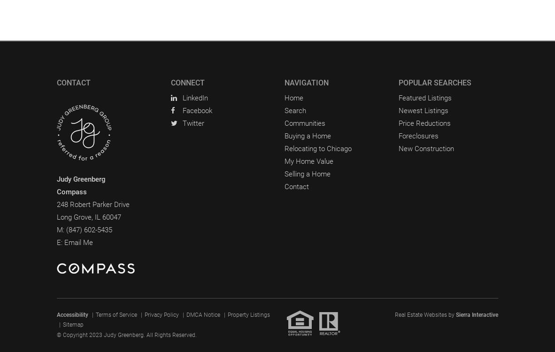  What do you see at coordinates (202, 314) in the screenshot?
I see `'DMCA Notice'` at bounding box center [202, 314].